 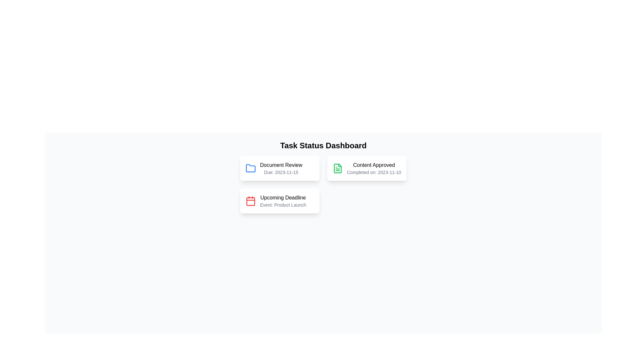 I want to click on the text label displaying 'Due: 2023-11-15', which is positioned directly below the 'Document Review' label within the 'Document Review' card component, so click(x=281, y=172).